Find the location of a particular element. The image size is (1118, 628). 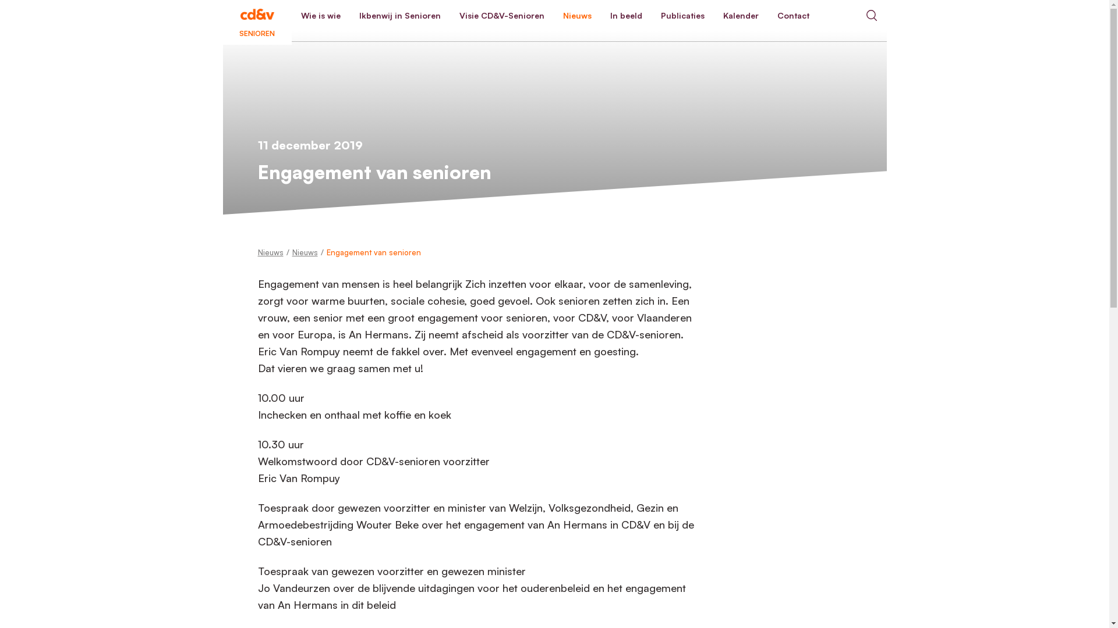

'Nieuws' is located at coordinates (270, 252).